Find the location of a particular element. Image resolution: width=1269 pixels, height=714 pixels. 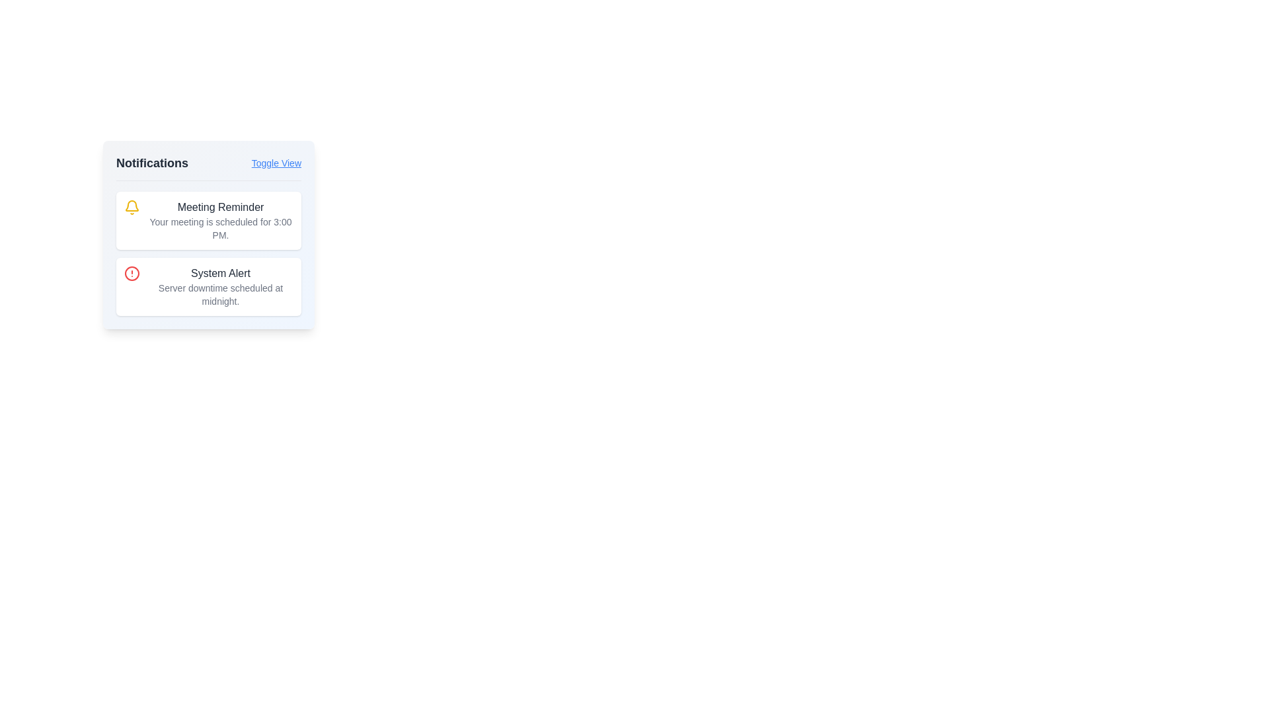

text label stating 'Your meeting is scheduled for 3:00 PM.' which is styled in a smaller gray font and positioned below the title 'Meeting Reminder' in the notification card is located at coordinates (221, 228).